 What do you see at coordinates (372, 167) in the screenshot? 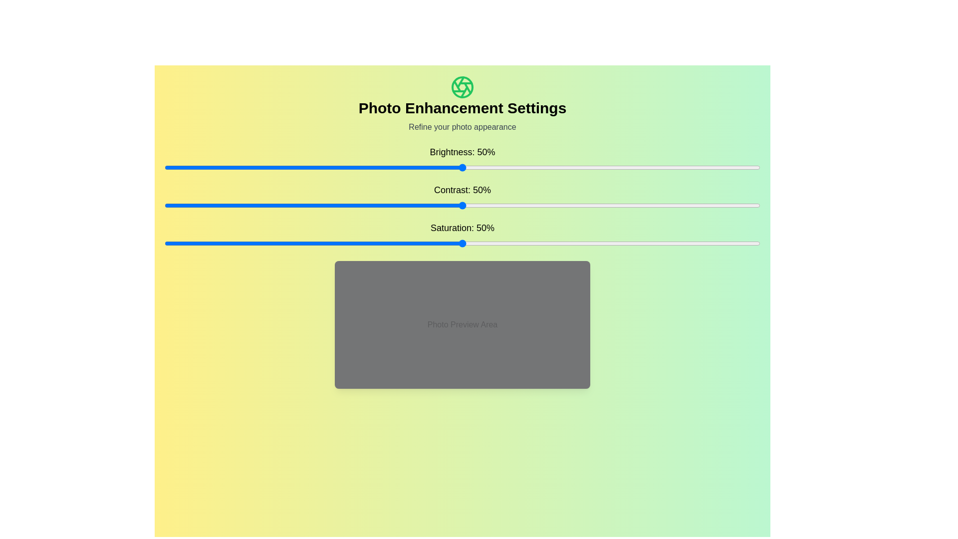
I see `the brightness slider to set the brightness to 35%` at bounding box center [372, 167].